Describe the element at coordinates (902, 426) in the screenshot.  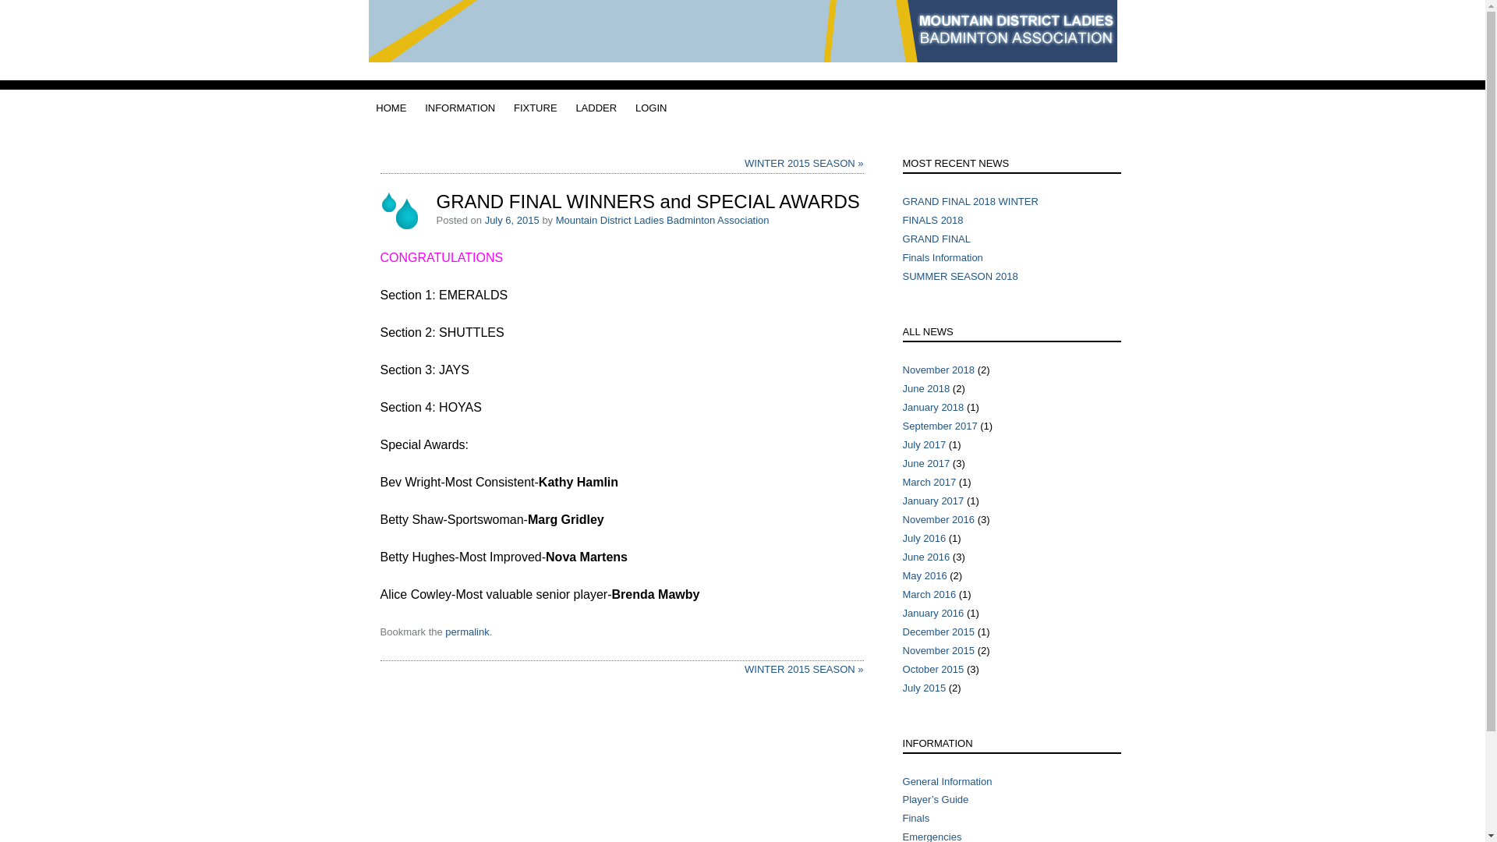
I see `'September 2017'` at that location.